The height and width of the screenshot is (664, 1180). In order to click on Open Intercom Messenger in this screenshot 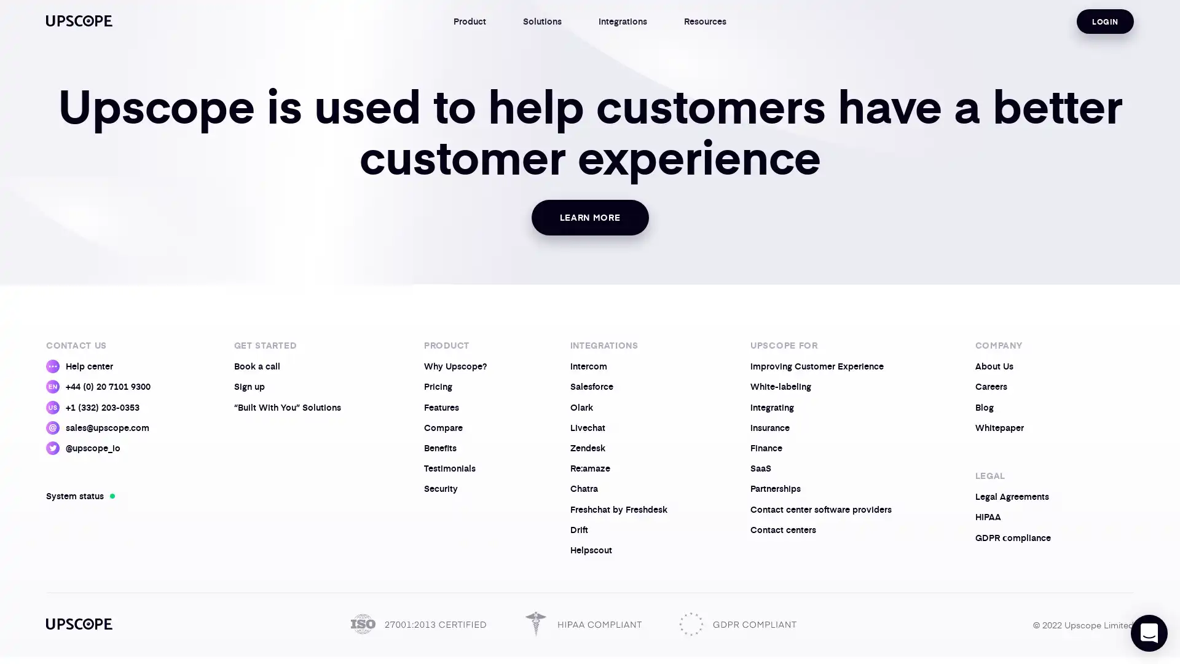, I will do `click(1149, 633)`.